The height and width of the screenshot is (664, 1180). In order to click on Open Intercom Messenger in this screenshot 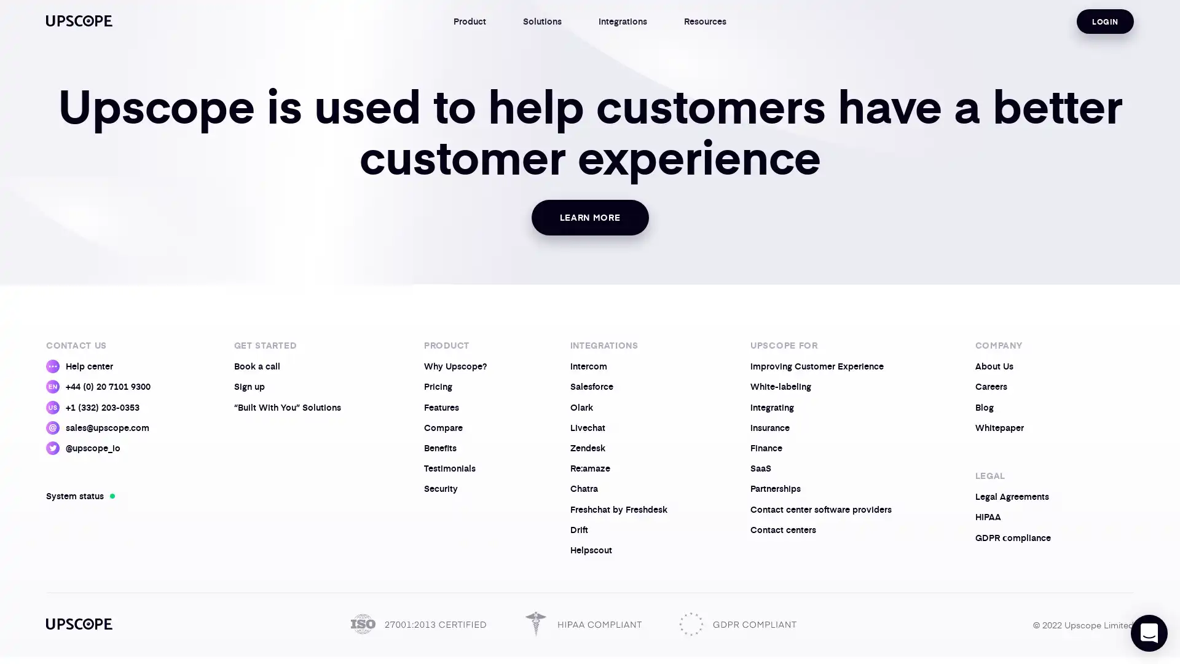, I will do `click(1149, 633)`.